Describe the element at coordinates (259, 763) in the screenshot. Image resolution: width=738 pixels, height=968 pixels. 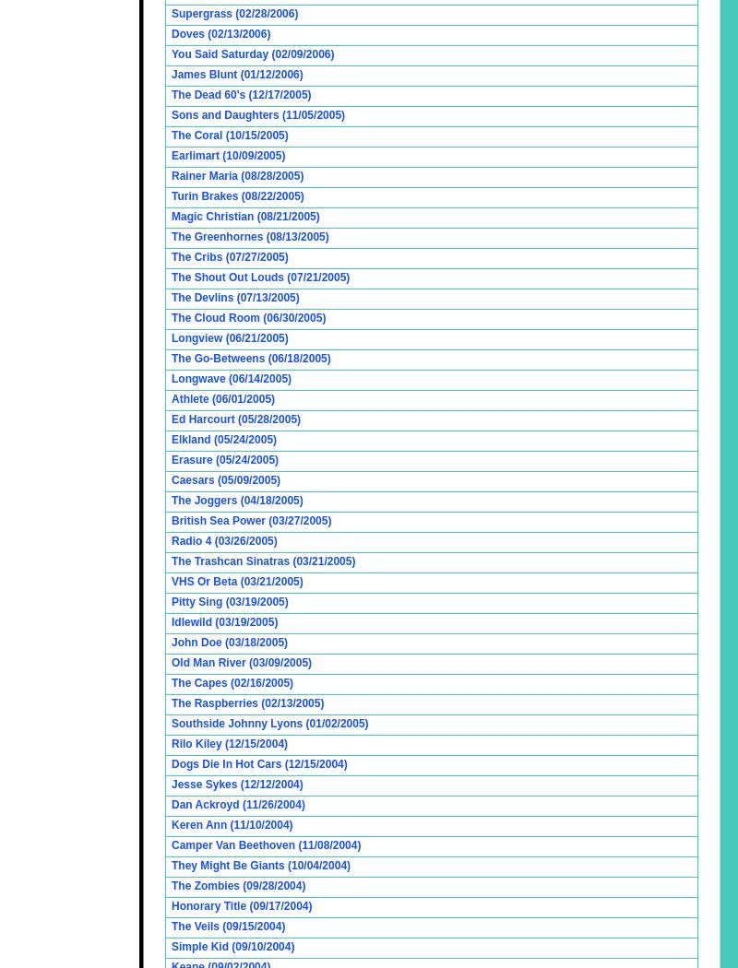
I see `'Dogs Die In Hot Cars (12/15/2004)'` at that location.